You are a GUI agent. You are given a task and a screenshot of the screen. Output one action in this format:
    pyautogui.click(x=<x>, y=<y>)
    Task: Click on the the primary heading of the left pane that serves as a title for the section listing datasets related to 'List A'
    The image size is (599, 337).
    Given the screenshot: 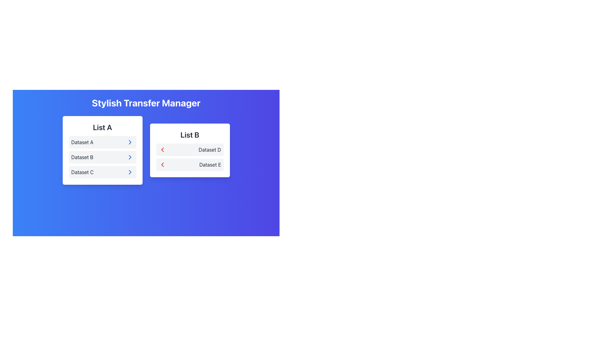 What is the action you would take?
    pyautogui.click(x=102, y=127)
    